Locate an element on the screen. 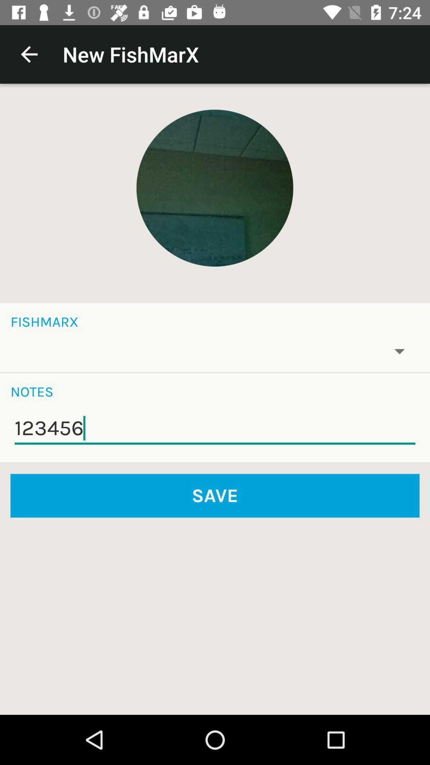  item next to the new fishmarx item is located at coordinates (29, 54).